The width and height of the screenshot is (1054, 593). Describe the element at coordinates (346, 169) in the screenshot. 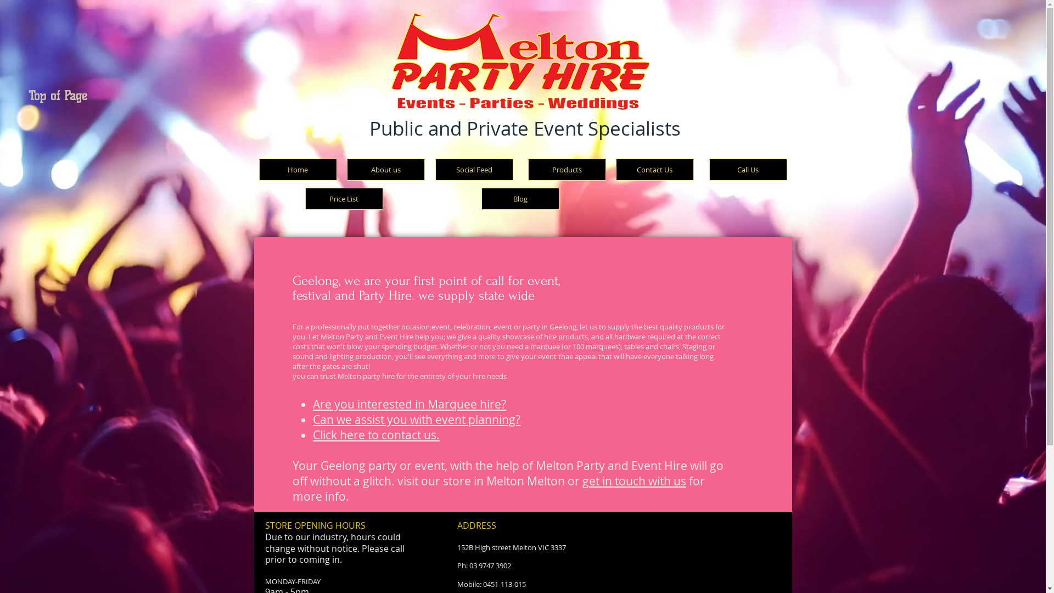

I see `'About us'` at that location.